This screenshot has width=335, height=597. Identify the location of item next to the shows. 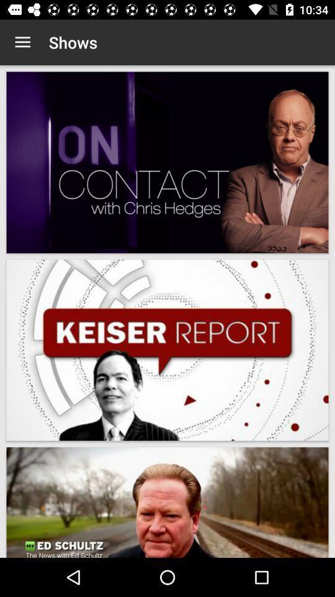
(22, 42).